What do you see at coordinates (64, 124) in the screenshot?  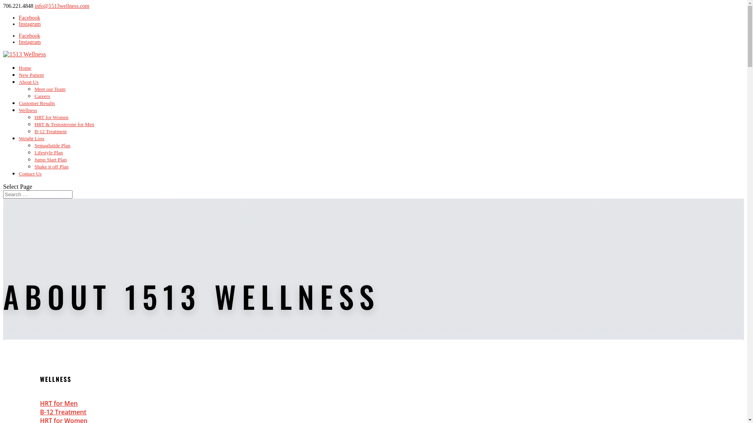 I see `'HRT & Testosterone for Men'` at bounding box center [64, 124].